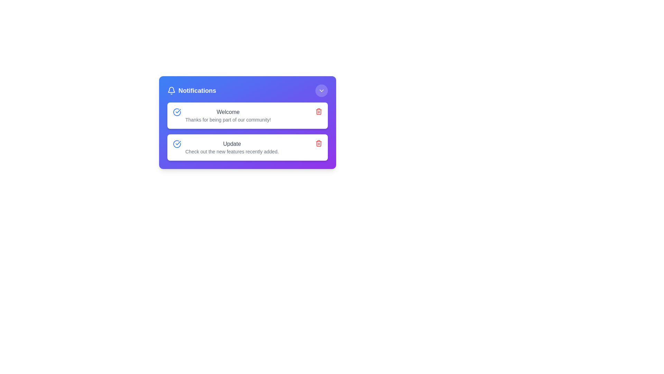  What do you see at coordinates (318, 111) in the screenshot?
I see `the delete button located in the first notification card, aligned to the right of the text 'Welcome - Thanks for being part of our community!', to change its color` at bounding box center [318, 111].